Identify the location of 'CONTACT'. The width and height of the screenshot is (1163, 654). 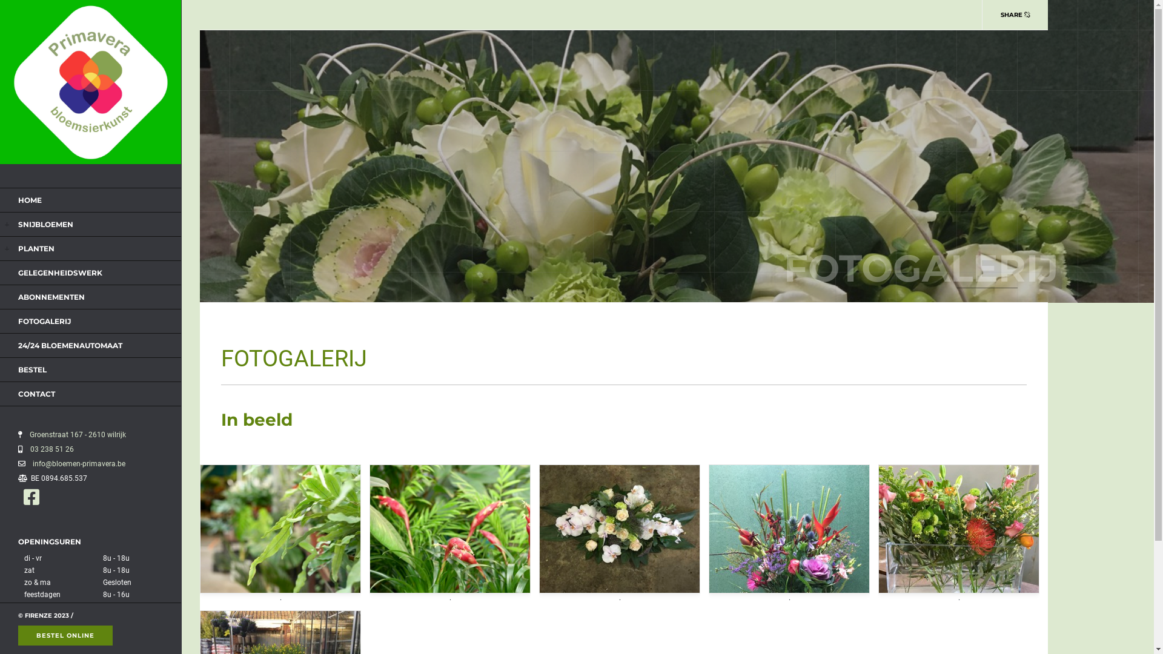
(36, 394).